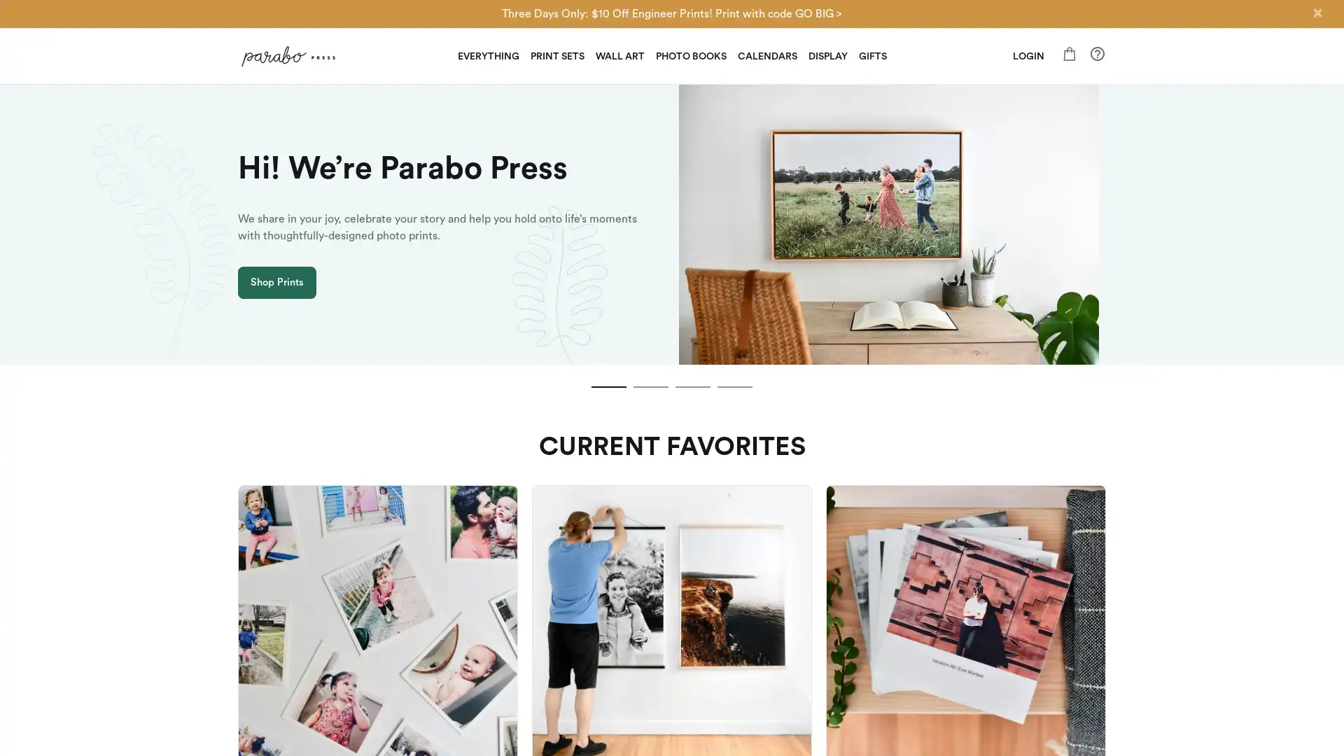 This screenshot has width=1344, height=756. I want to click on slide dot, so click(650, 386).